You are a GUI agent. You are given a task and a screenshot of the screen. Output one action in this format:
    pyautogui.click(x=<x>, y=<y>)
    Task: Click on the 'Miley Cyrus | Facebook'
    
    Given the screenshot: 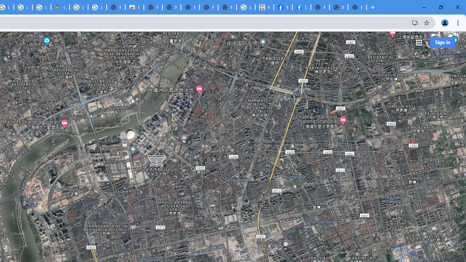 What is the action you would take?
    pyautogui.click(x=282, y=7)
    